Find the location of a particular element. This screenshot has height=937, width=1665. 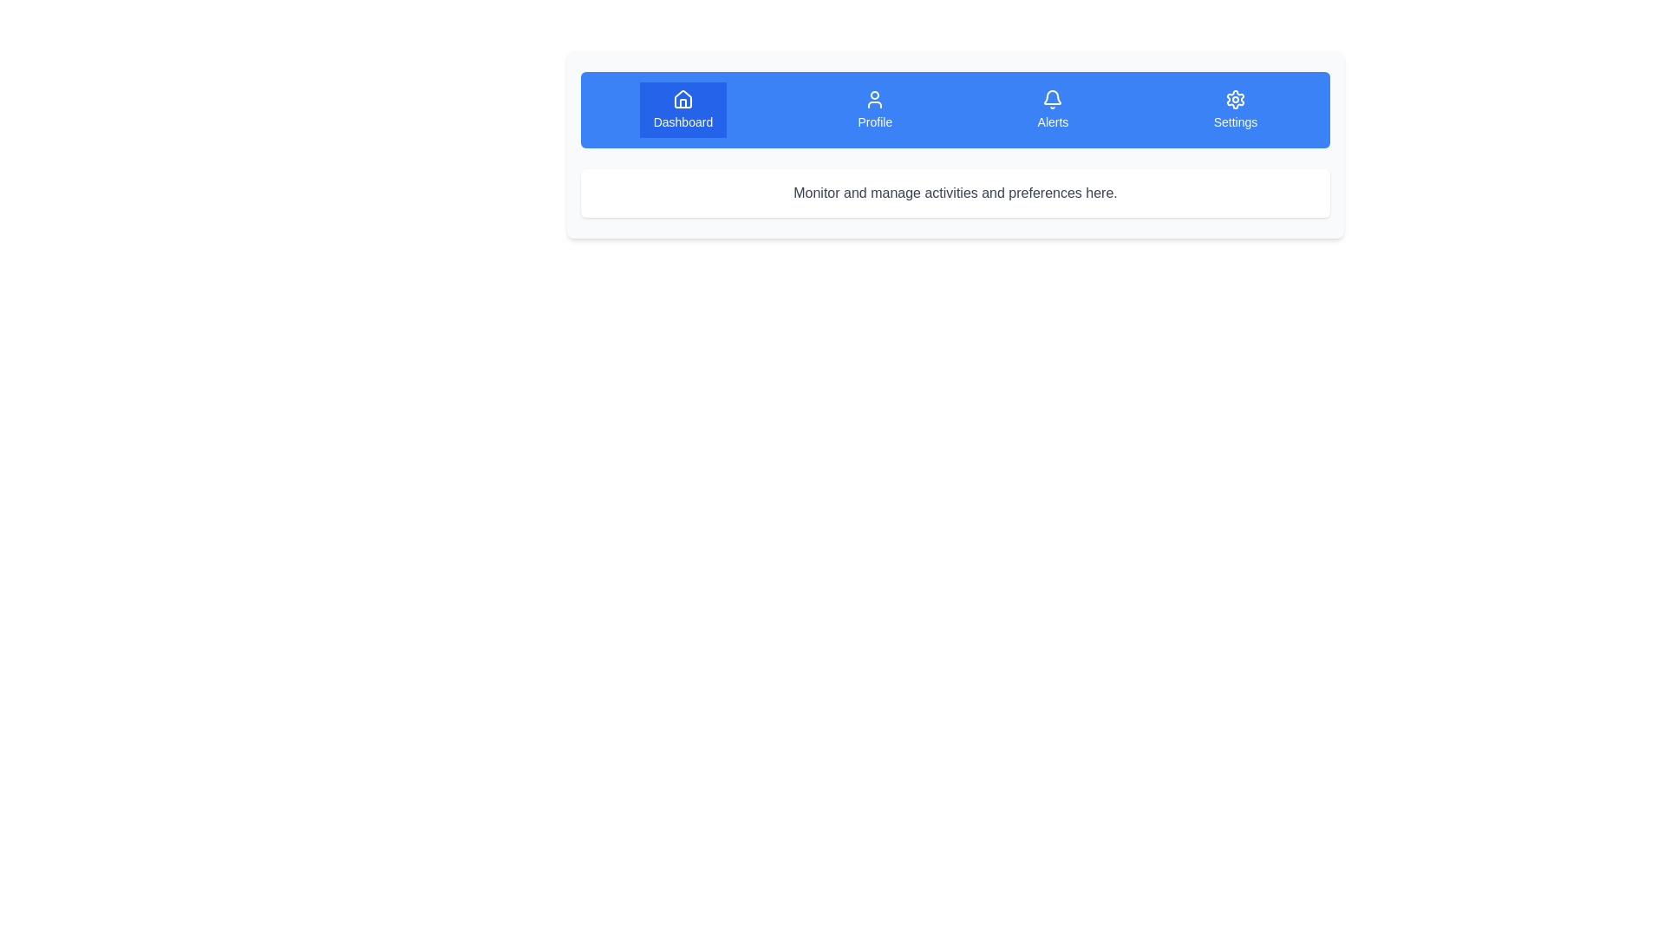

the 'Settings' button is located at coordinates (1235, 110).